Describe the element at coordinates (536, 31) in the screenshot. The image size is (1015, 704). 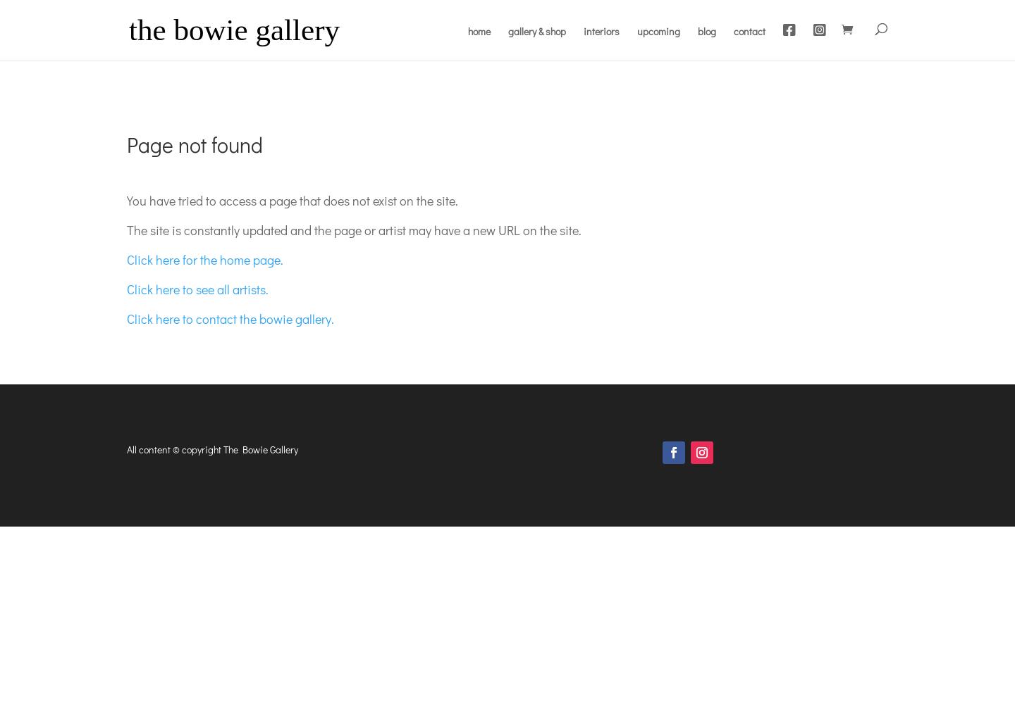
I see `'gallery & shop'` at that location.